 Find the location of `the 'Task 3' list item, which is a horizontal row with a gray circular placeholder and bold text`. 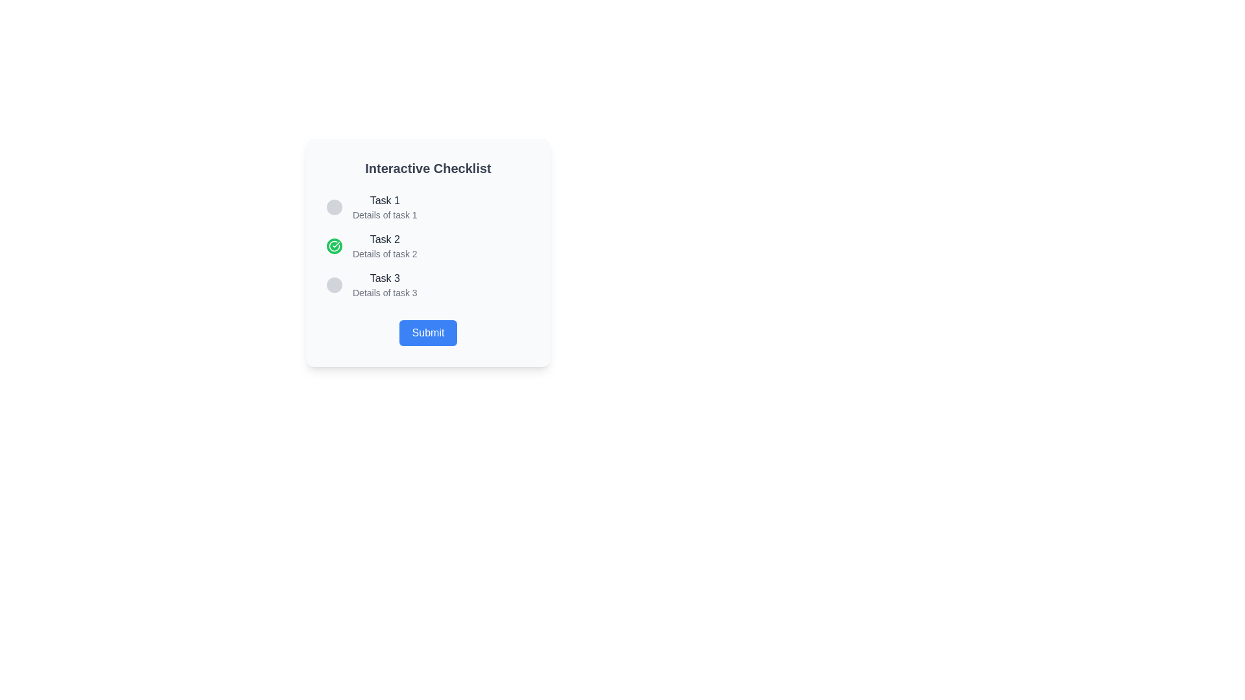

the 'Task 3' list item, which is a horizontal row with a gray circular placeholder and bold text is located at coordinates (428, 284).